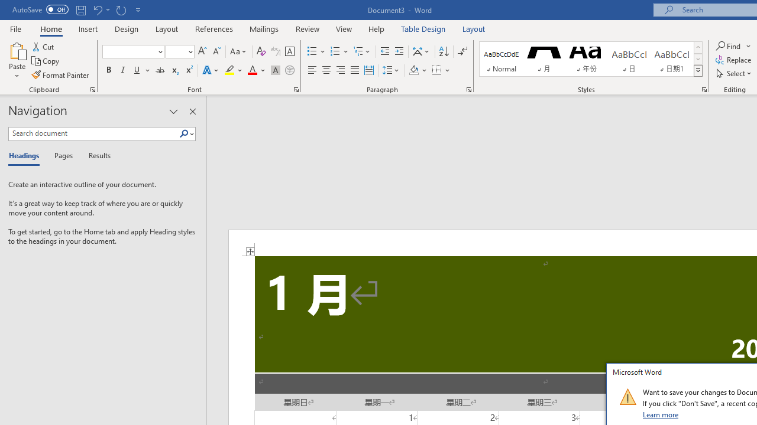 The height and width of the screenshot is (425, 757). I want to click on 'View', so click(344, 28).